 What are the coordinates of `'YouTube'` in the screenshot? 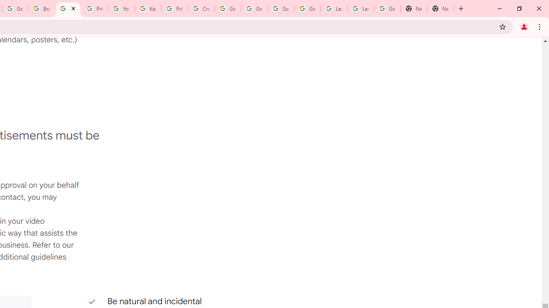 It's located at (121, 9).